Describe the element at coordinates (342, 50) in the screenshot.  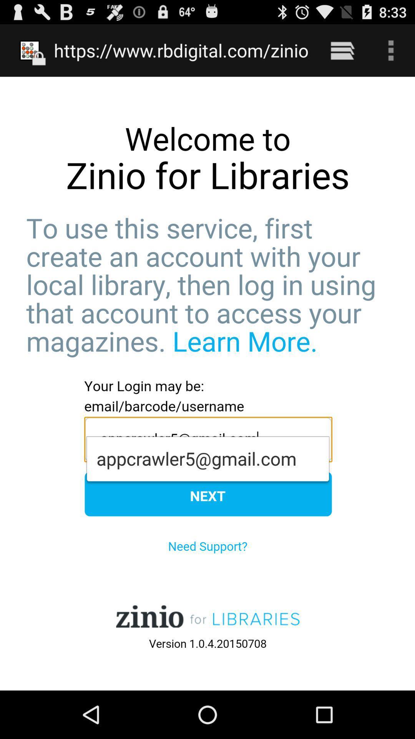
I see `item next to the https www rbdigital item` at that location.